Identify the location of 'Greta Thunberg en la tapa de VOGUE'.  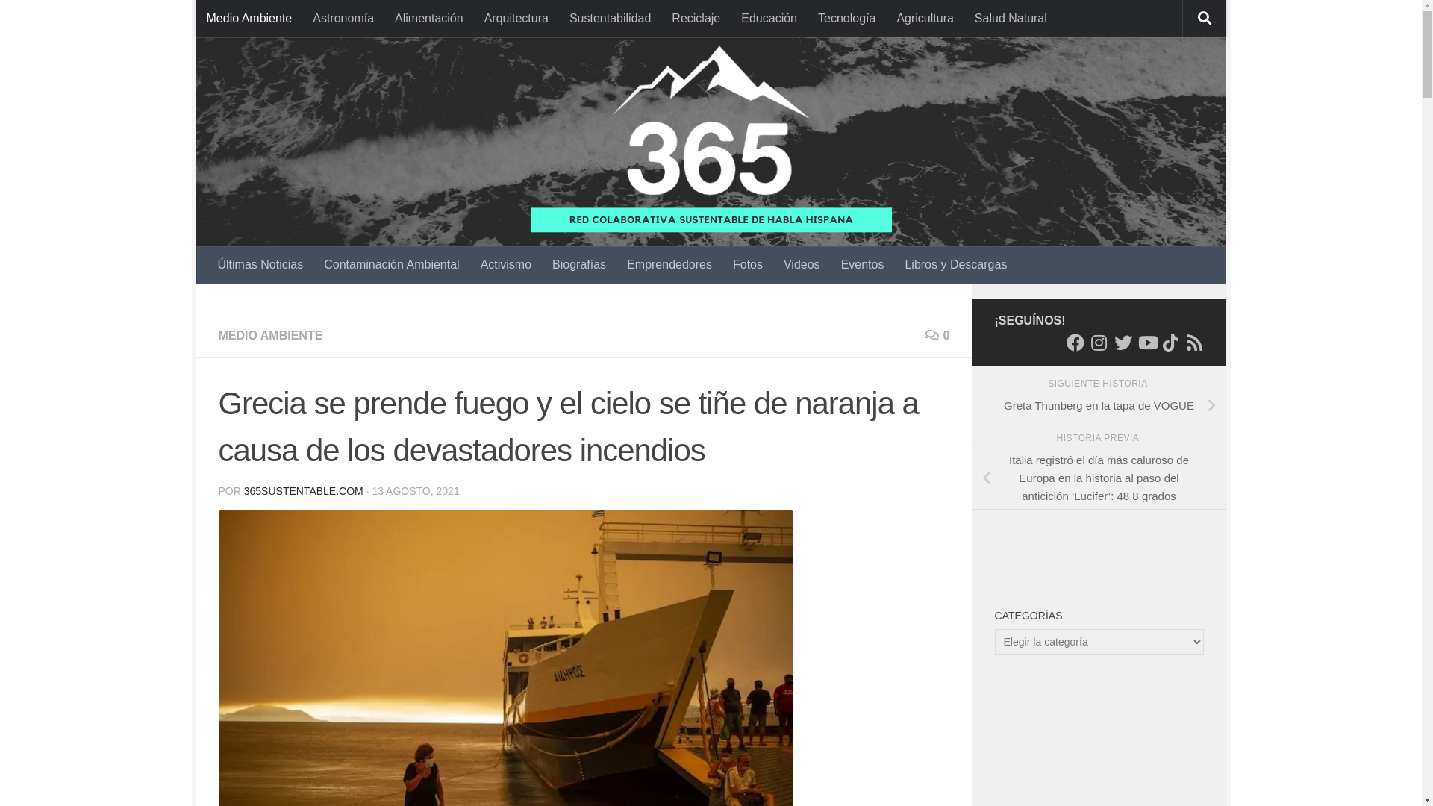
(1099, 405).